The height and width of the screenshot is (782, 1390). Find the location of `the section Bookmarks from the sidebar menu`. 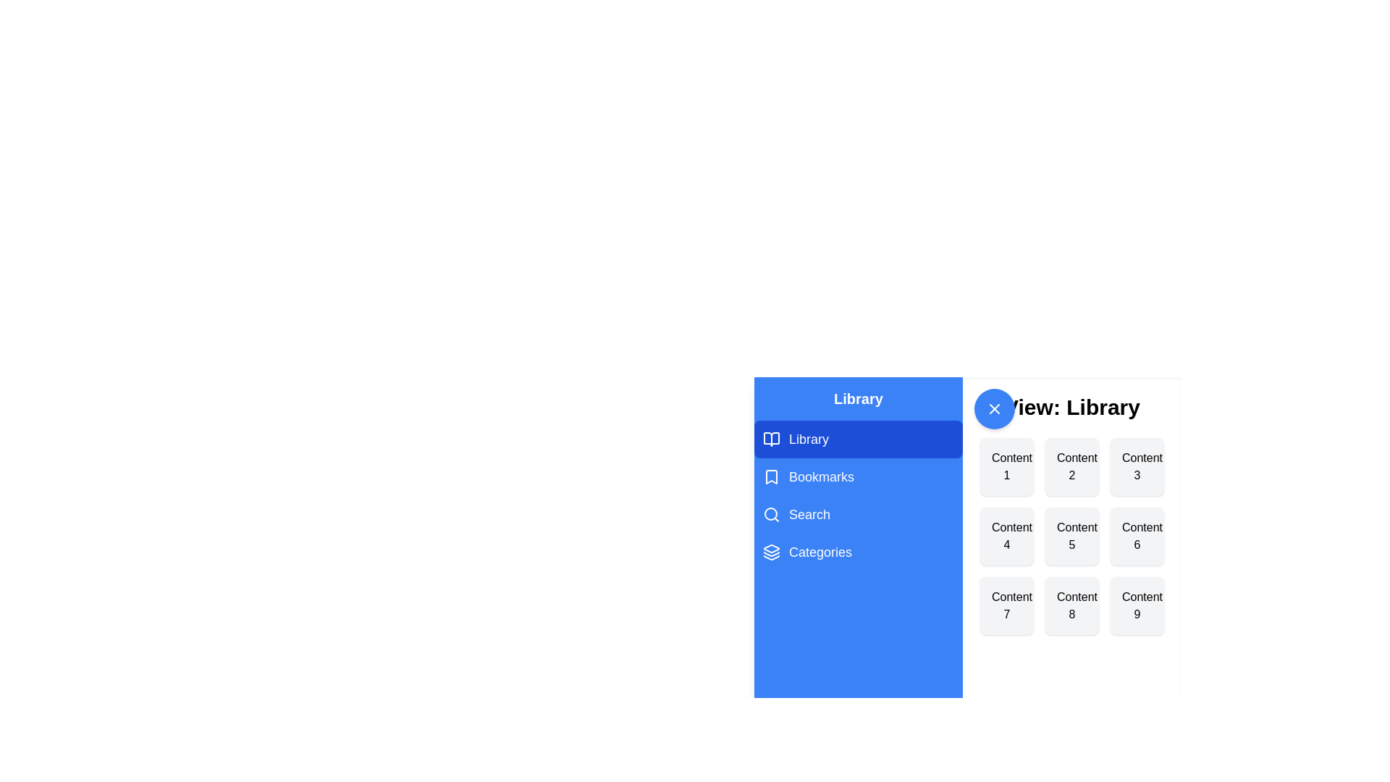

the section Bookmarks from the sidebar menu is located at coordinates (858, 477).